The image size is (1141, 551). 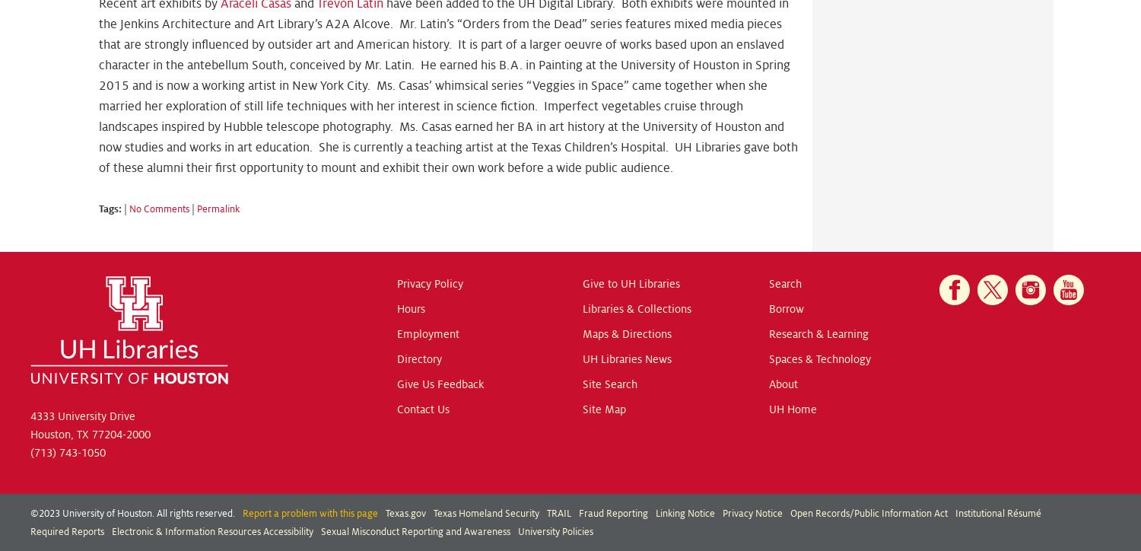 I want to click on 'Spaces & Technology', so click(x=818, y=358).